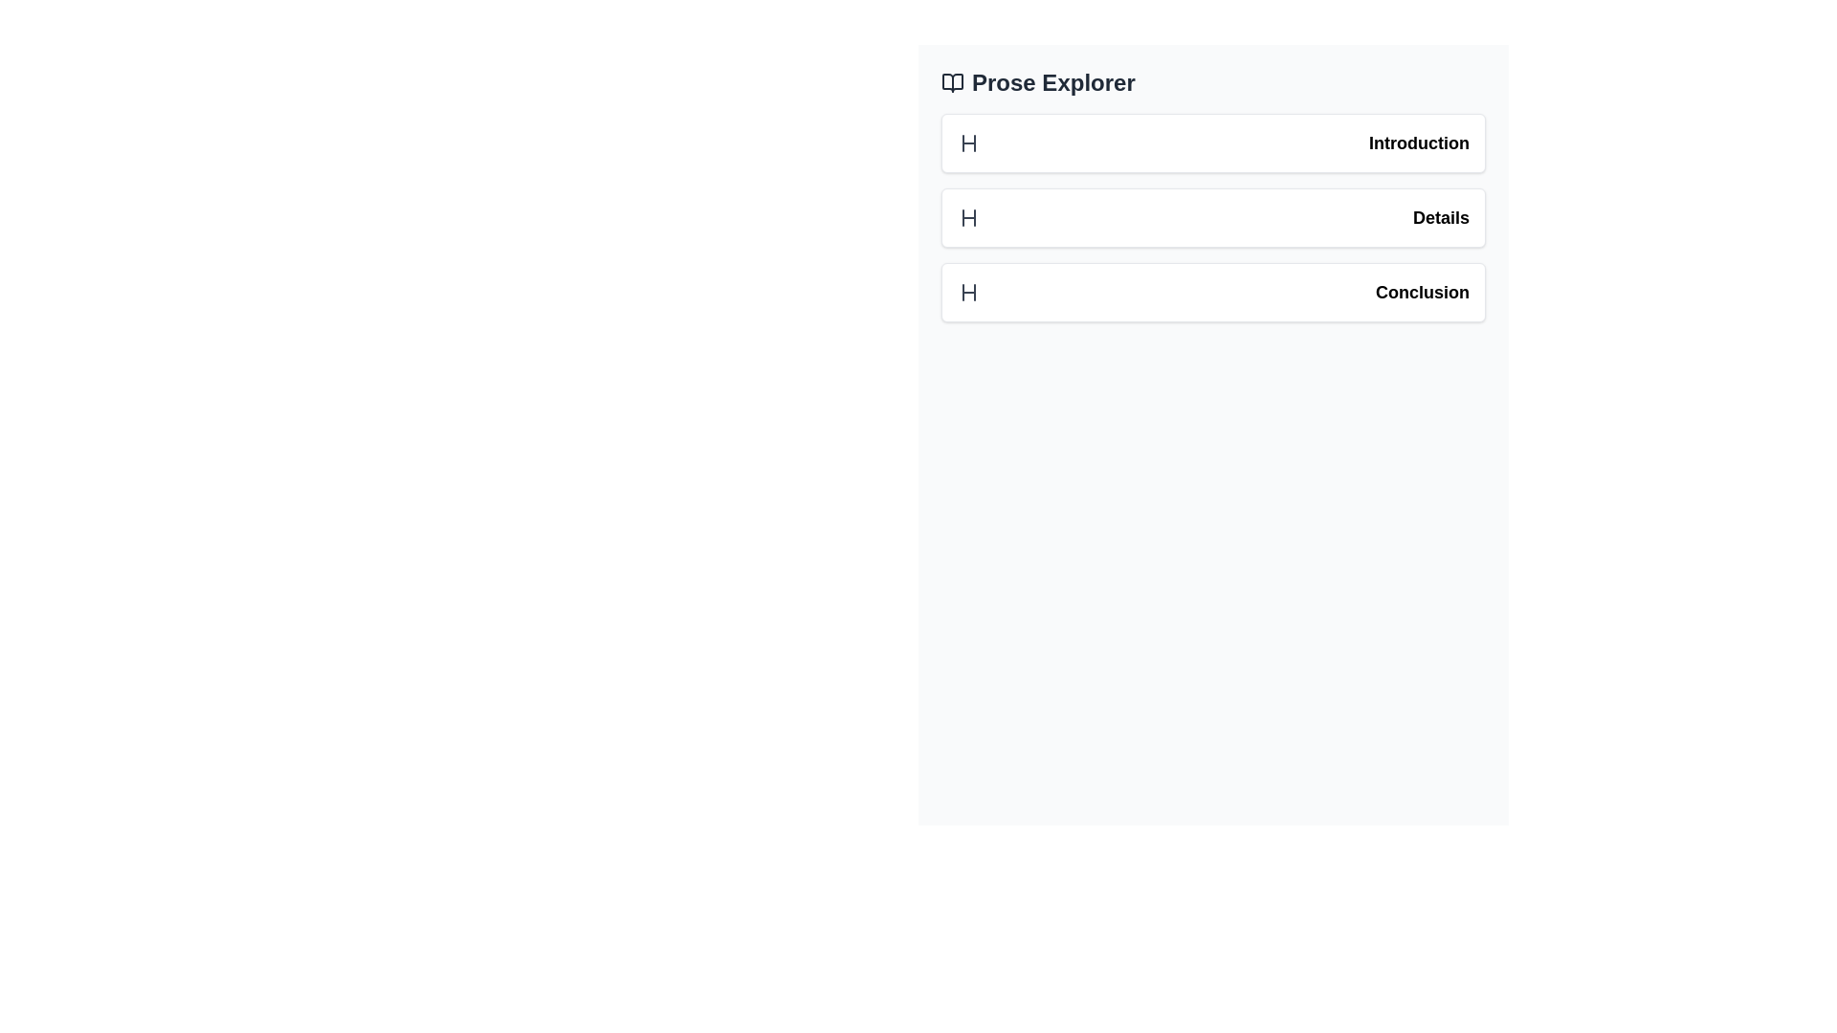  What do you see at coordinates (968, 143) in the screenshot?
I see `the SVG icon that marks the 'Introduction' section header` at bounding box center [968, 143].